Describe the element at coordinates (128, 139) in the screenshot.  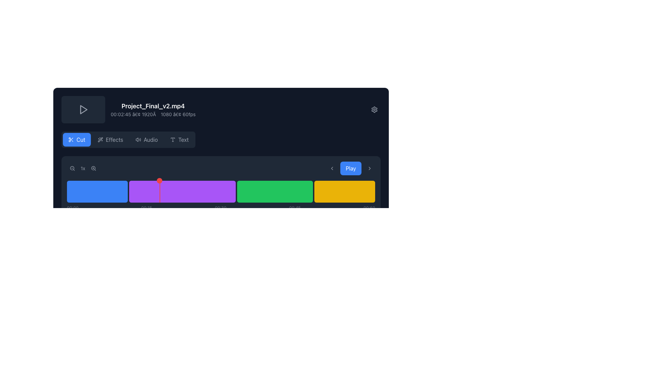
I see `any button in the Toolbar located directly beneath the project information panel` at that location.